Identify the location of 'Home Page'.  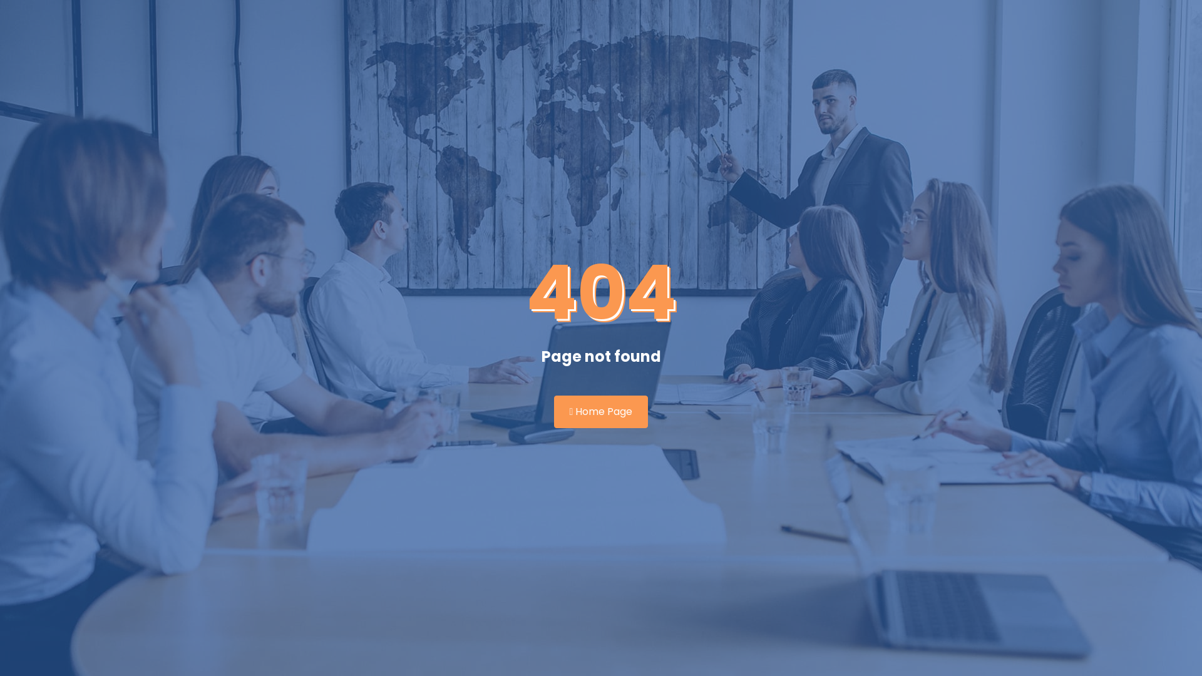
(601, 412).